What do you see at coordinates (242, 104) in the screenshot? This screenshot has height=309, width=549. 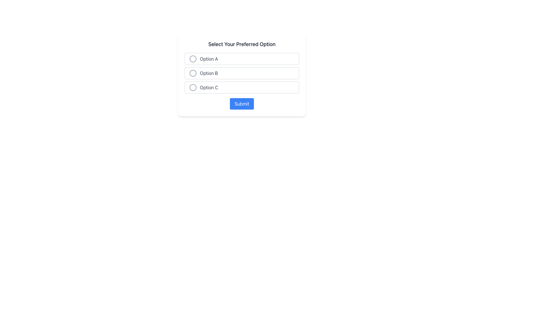 I see `the blue rectangular 'Submit' button with rounded corners located at the bottom of the form` at bounding box center [242, 104].